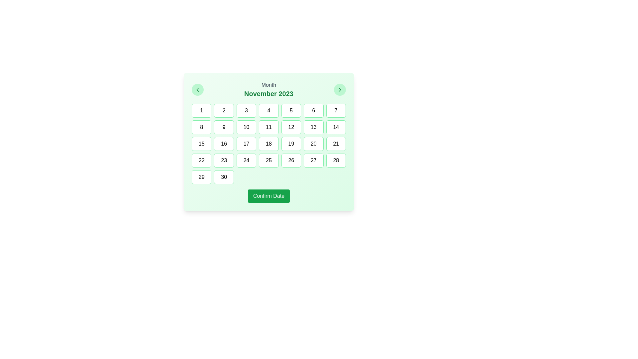 The width and height of the screenshot is (638, 359). I want to click on a specific cell in the calendar grid for date selection in the 'Month November 2023' calendar, so click(269, 143).